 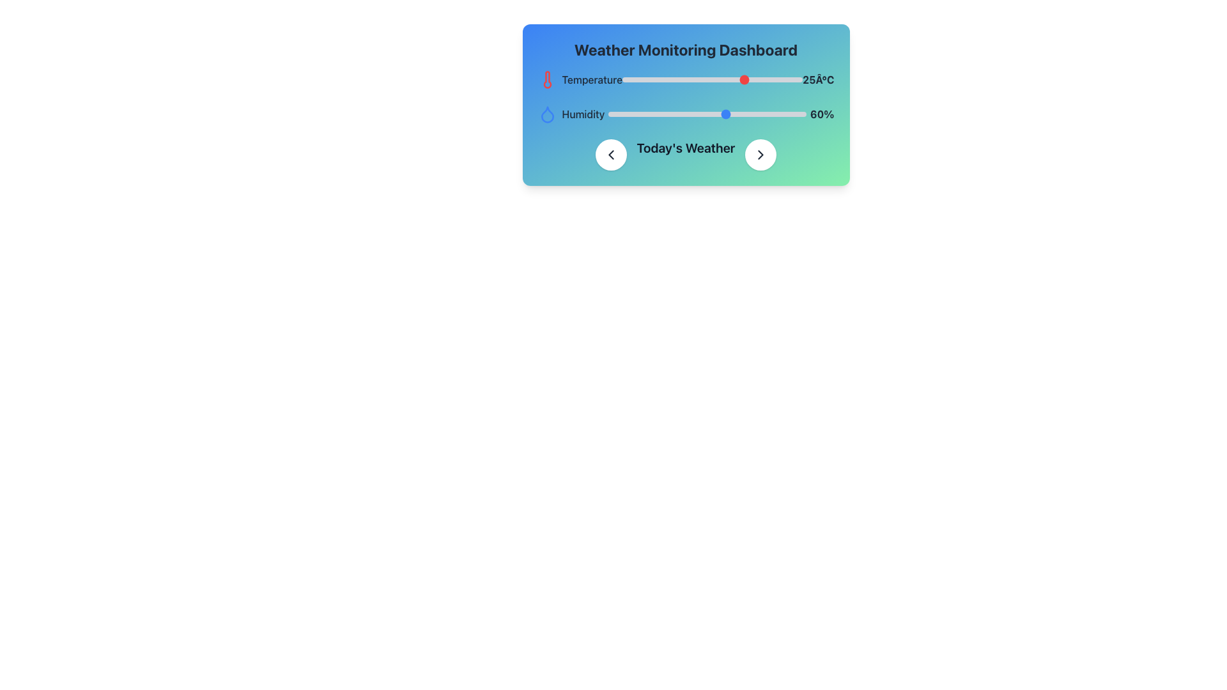 What do you see at coordinates (582, 113) in the screenshot?
I see `the 'Humidity' text label, which is displayed in bold gray font and located to the right of a blue droplet icon on the weather dashboard` at bounding box center [582, 113].